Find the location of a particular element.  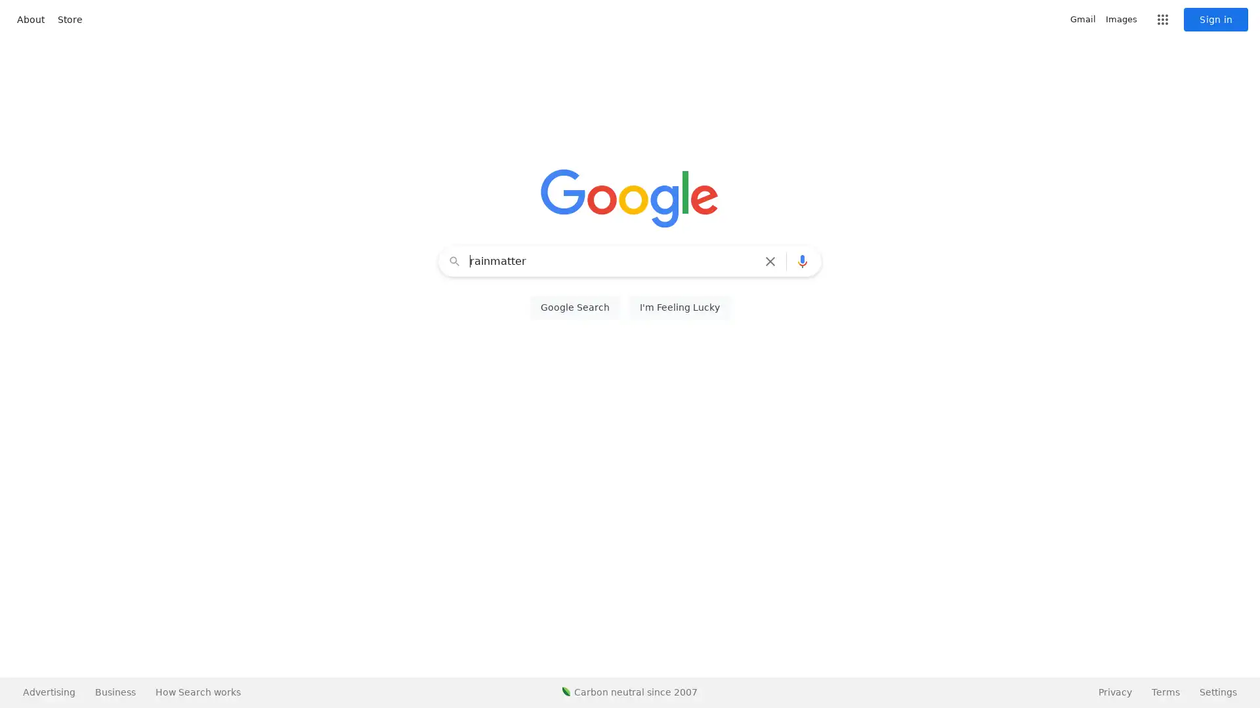

Clear is located at coordinates (770, 261).